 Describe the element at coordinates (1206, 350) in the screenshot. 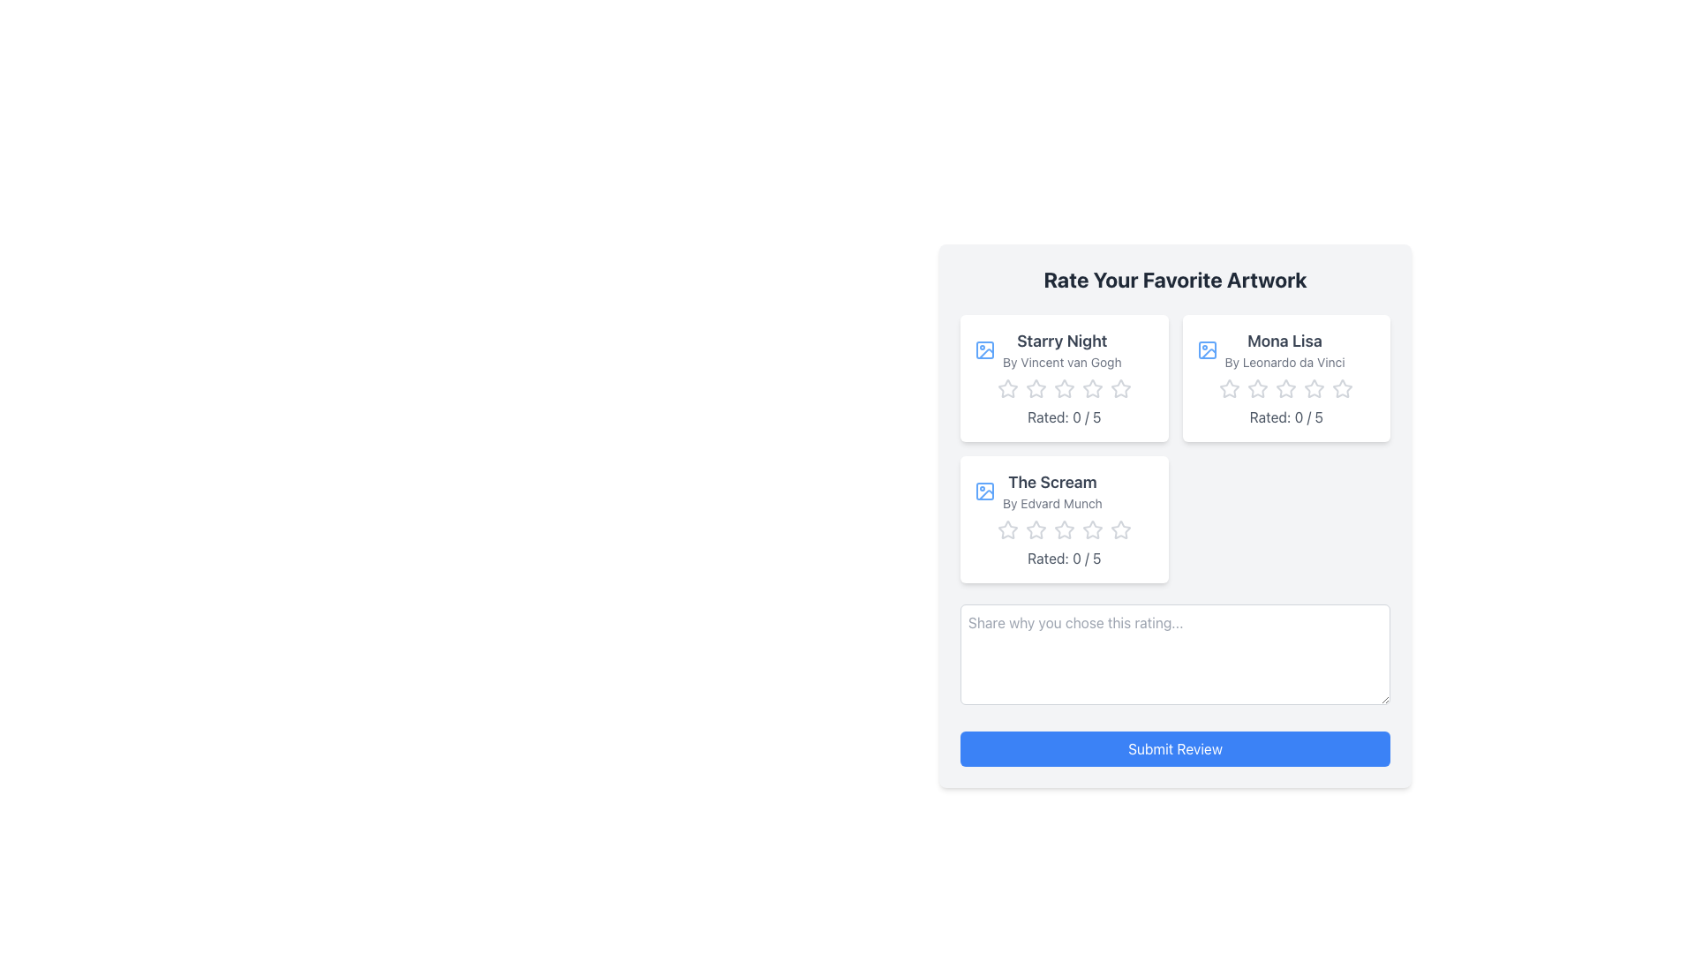

I see `the blue icon depicting an image with a thin outlined square and a circular detail, located to the left of the text 'Mona Lisa' and 'By Leonardo da Vinci'` at that location.